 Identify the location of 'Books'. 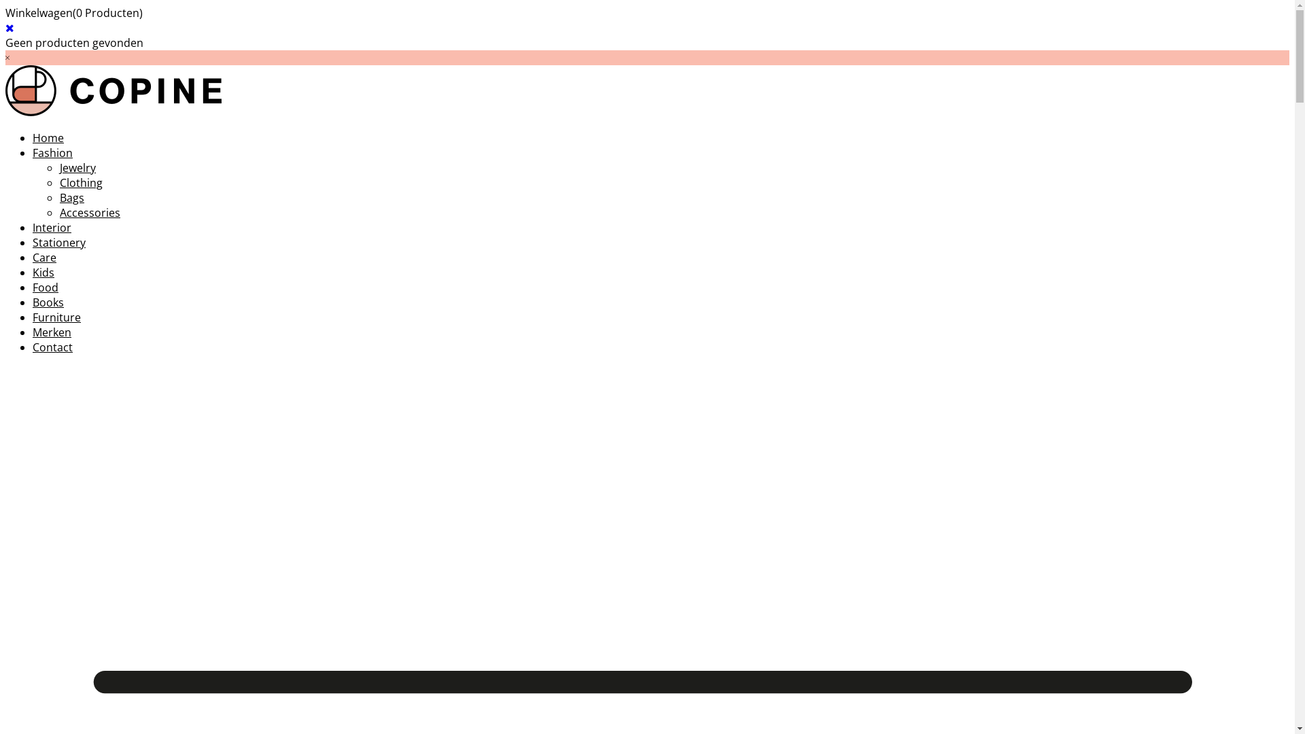
(48, 301).